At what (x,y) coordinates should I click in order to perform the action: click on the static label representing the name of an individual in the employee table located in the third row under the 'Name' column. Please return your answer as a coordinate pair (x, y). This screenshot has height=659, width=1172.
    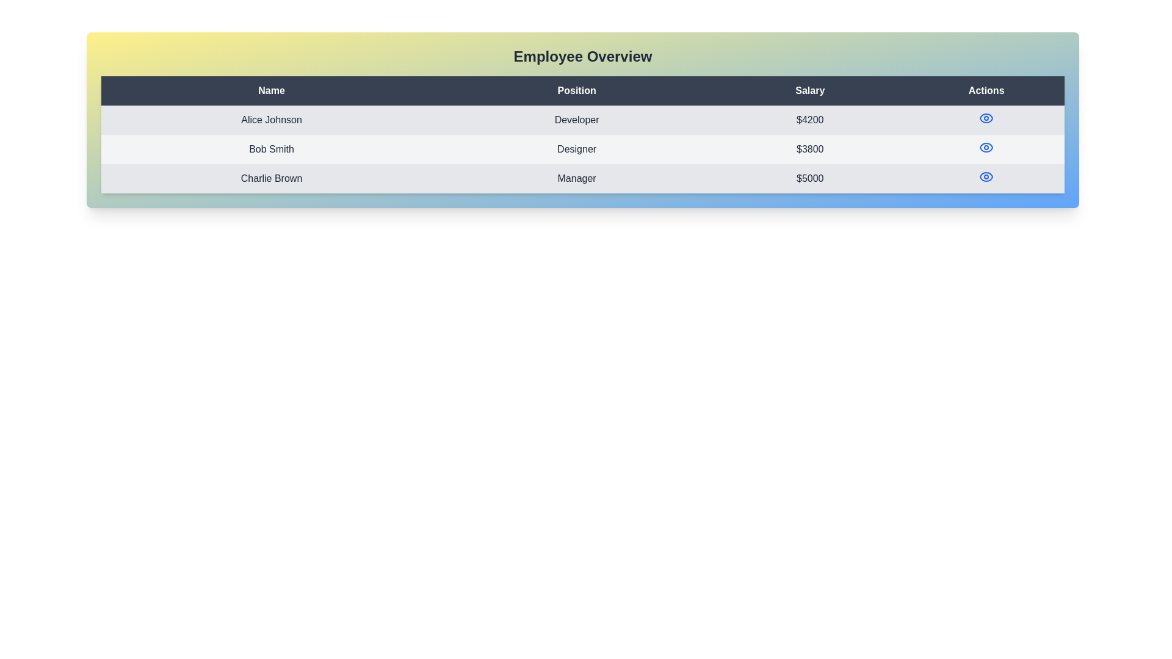
    Looking at the image, I should click on (271, 179).